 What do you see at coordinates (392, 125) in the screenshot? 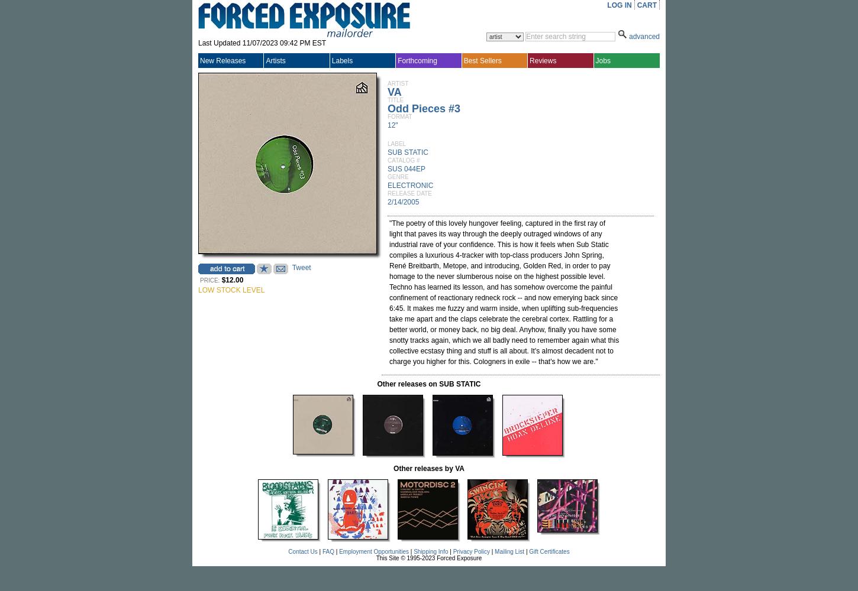
I see `'12"'` at bounding box center [392, 125].